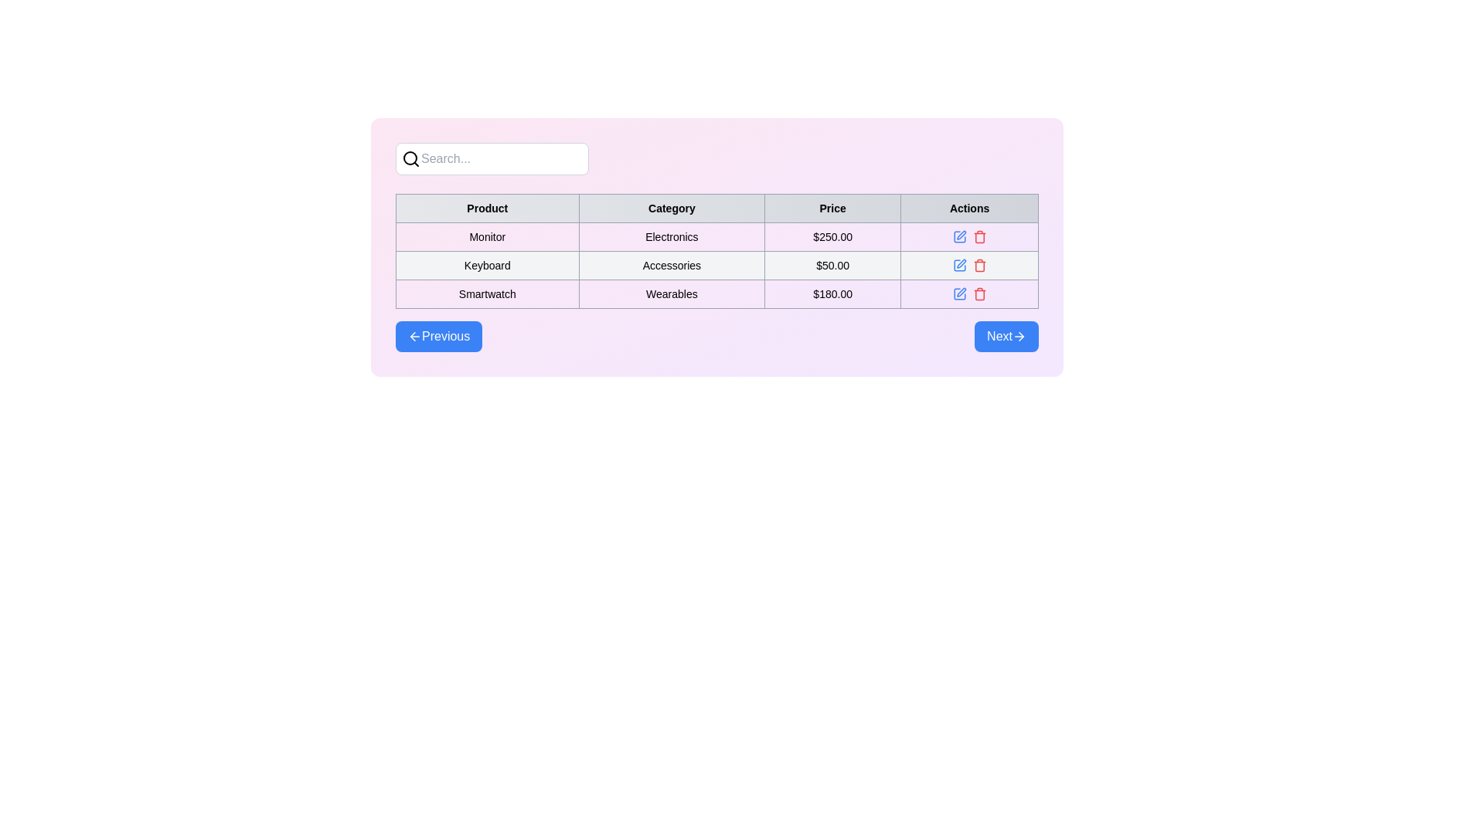  I want to click on the delete button's trash bin icon, so click(979, 238).